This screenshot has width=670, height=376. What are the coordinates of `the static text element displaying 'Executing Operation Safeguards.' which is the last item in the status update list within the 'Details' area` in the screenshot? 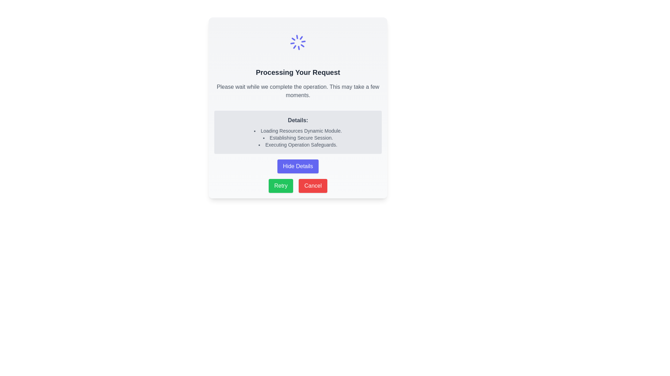 It's located at (298, 144).